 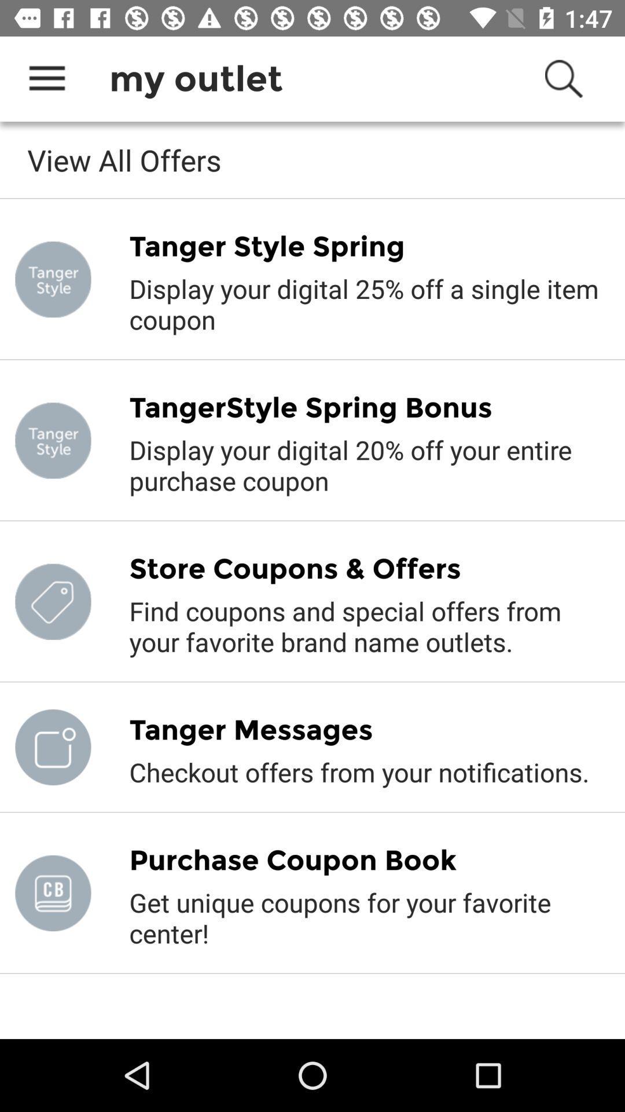 What do you see at coordinates (46, 78) in the screenshot?
I see `the item to the left of my outlet item` at bounding box center [46, 78].